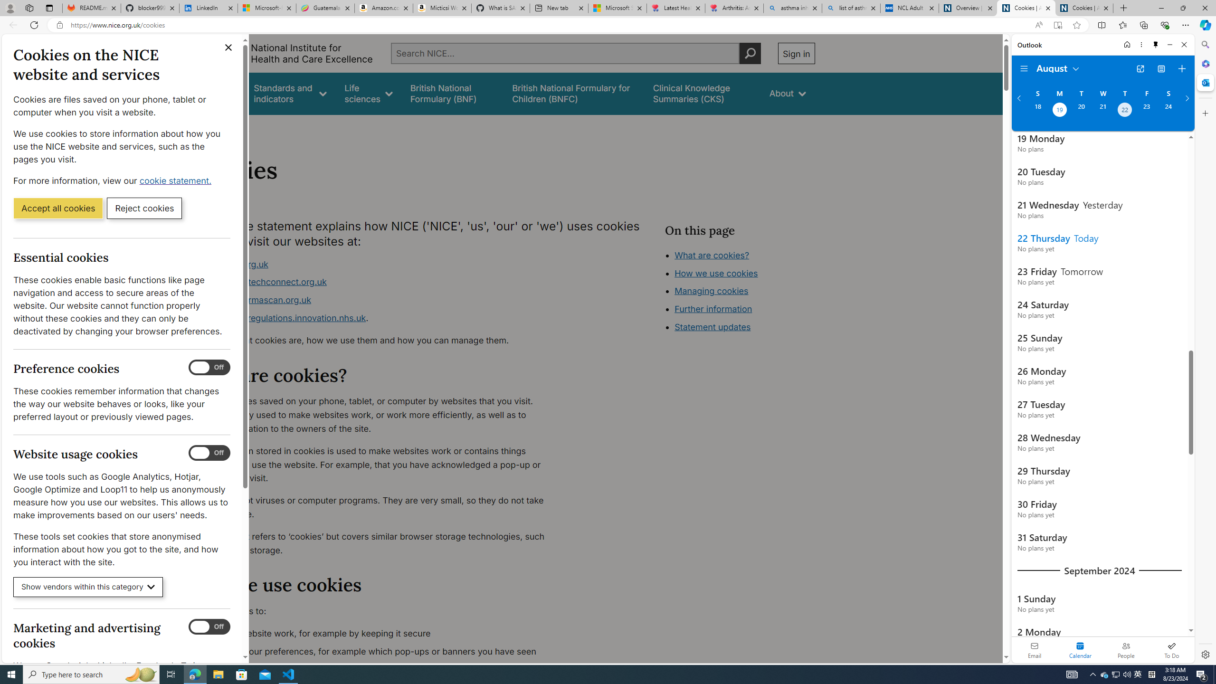 The width and height of the screenshot is (1216, 684). I want to click on 'To Do', so click(1171, 649).